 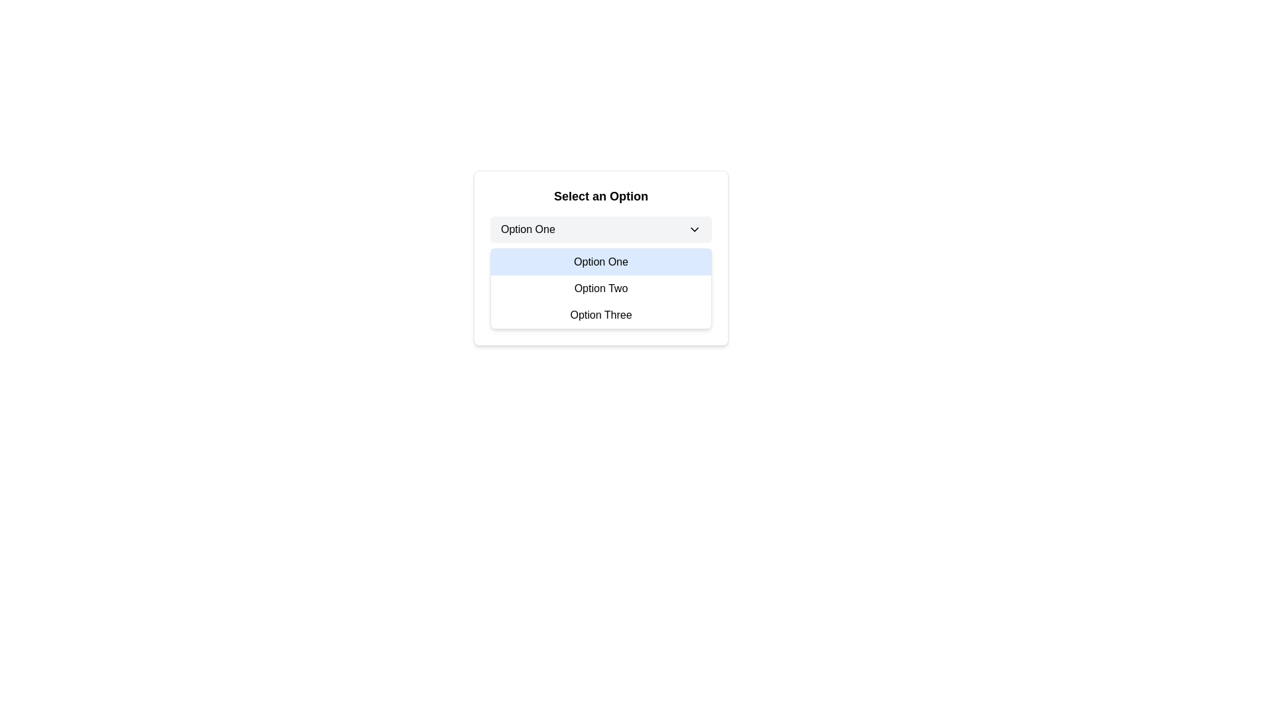 What do you see at coordinates (601, 288) in the screenshot?
I see `the second option in the dropdown list` at bounding box center [601, 288].